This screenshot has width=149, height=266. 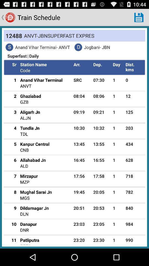 I want to click on app to the left of 23:20 icon, so click(x=30, y=240).